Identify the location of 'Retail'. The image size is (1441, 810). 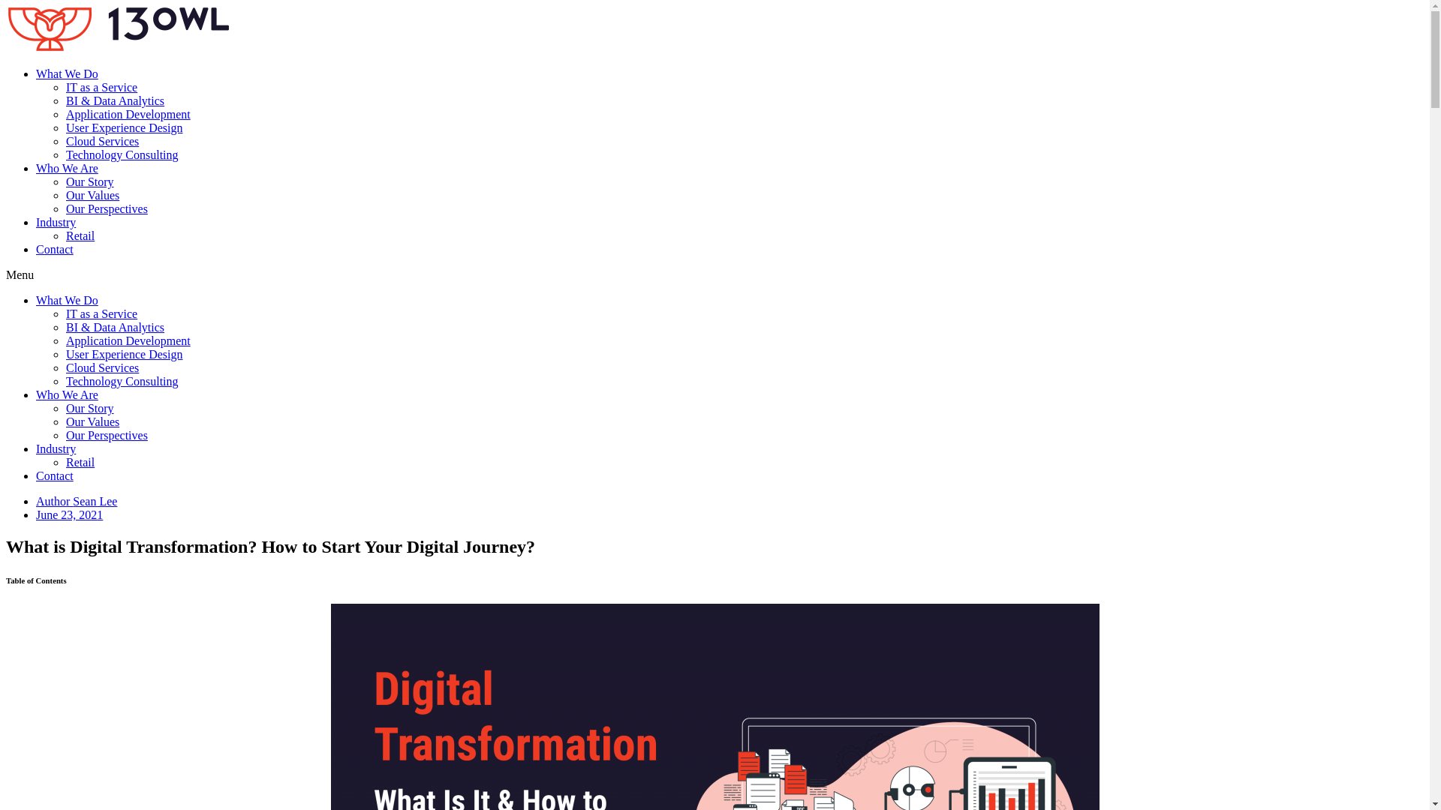
(79, 461).